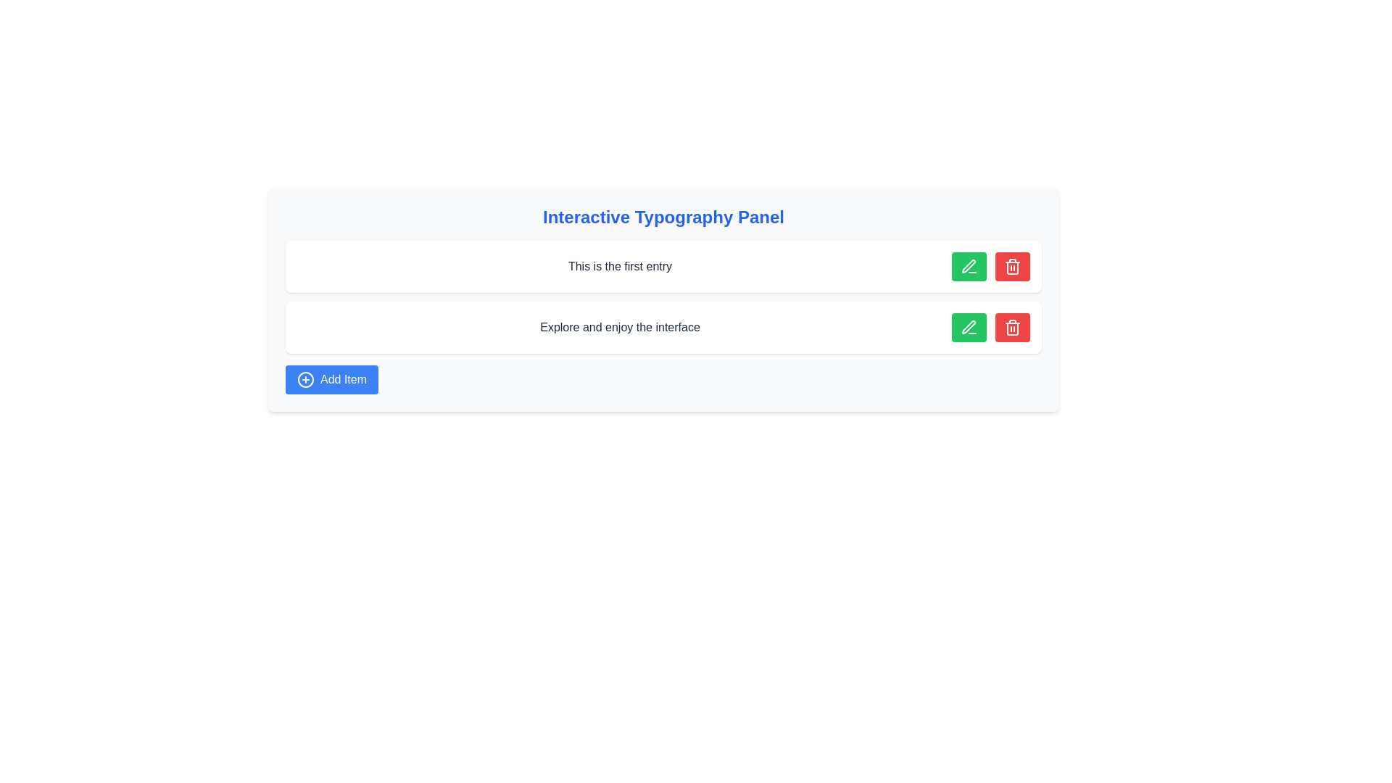  Describe the element at coordinates (331, 379) in the screenshot. I see `the 'Add Item' button, which is a rectangular button with rounded corners, blue background, and white text, located in the 'Interactive Typography Panel'` at that location.